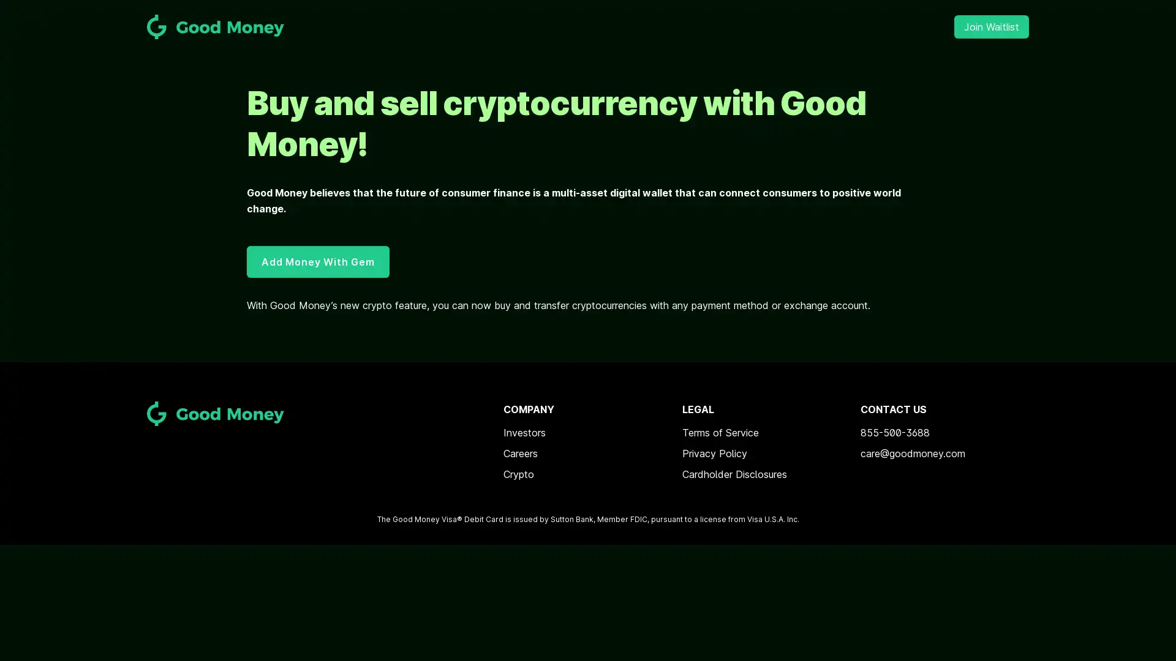 The height and width of the screenshot is (661, 1176). Describe the element at coordinates (588, 373) in the screenshot. I see `Get Started` at that location.